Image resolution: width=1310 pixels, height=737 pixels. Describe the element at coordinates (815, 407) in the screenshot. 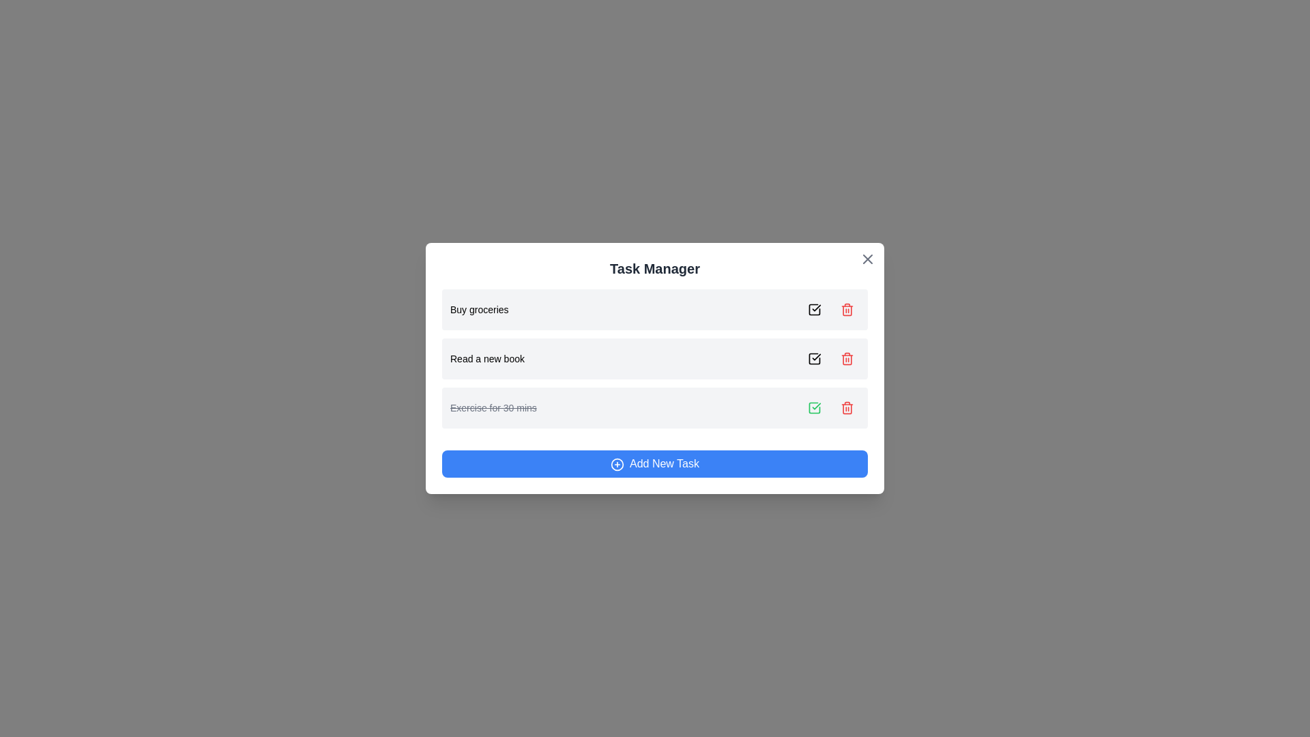

I see `the green checkbox with a checkmark icon, which is the third checkbox` at that location.